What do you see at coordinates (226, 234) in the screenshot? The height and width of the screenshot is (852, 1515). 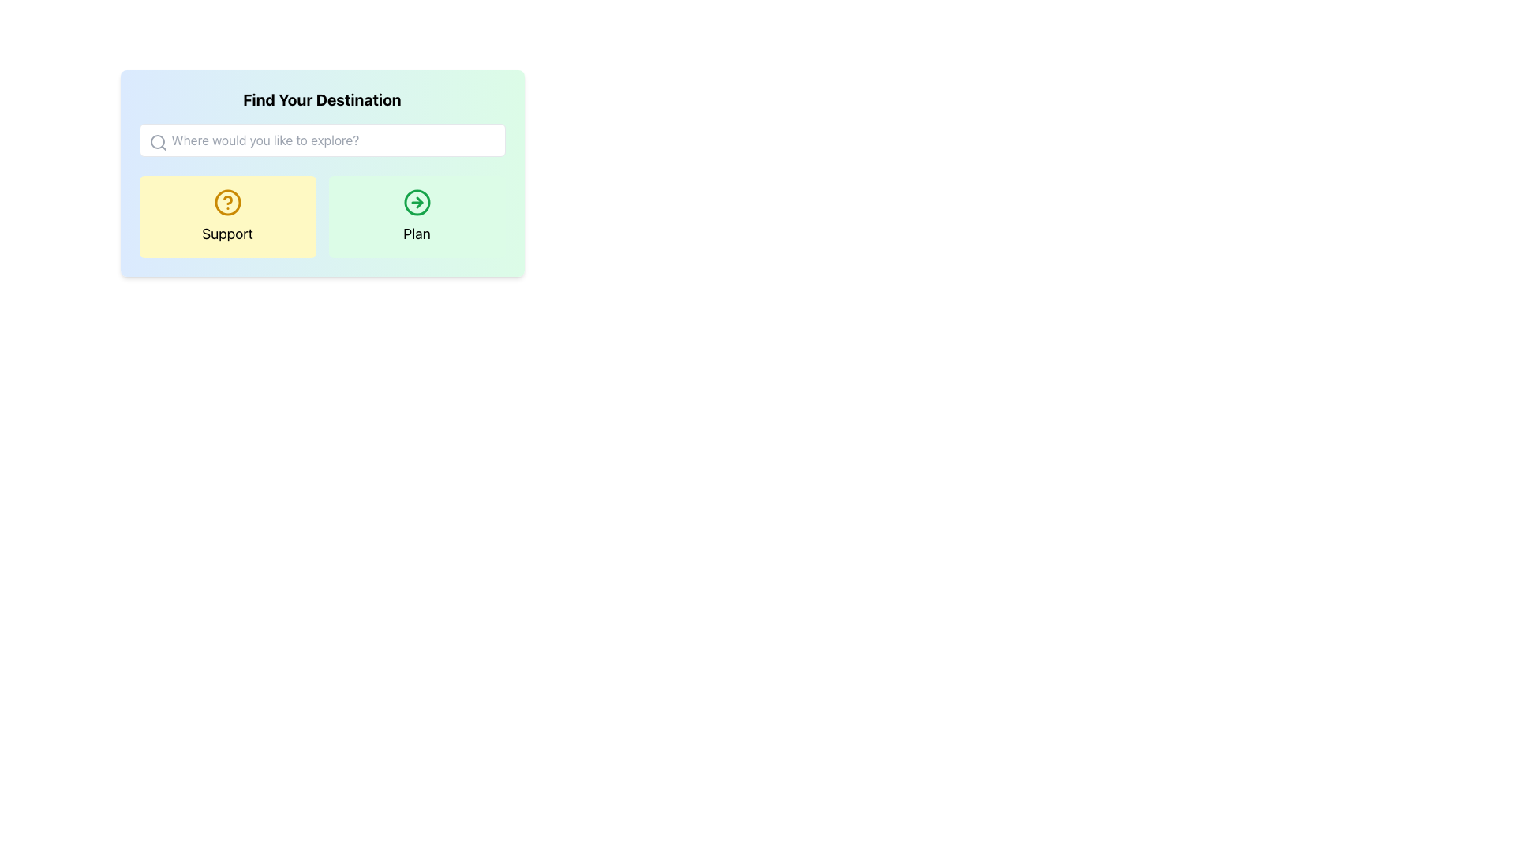 I see `the 'Support' text label element, which is prominently displayed in bold and larger font at the bottom center of a yellow rectangular area` at bounding box center [226, 234].